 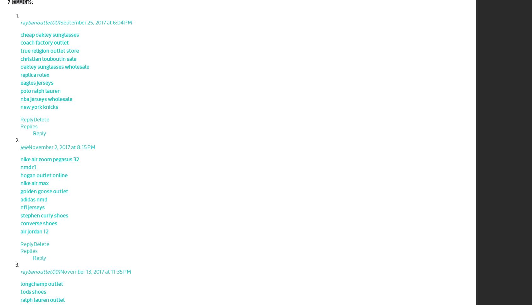 What do you see at coordinates (44, 215) in the screenshot?
I see `'stephen curry shoes'` at bounding box center [44, 215].